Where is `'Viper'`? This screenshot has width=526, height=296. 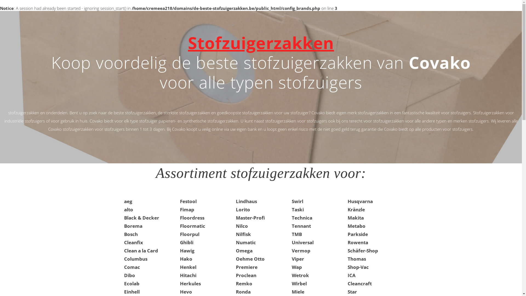
'Viper' is located at coordinates (291, 259).